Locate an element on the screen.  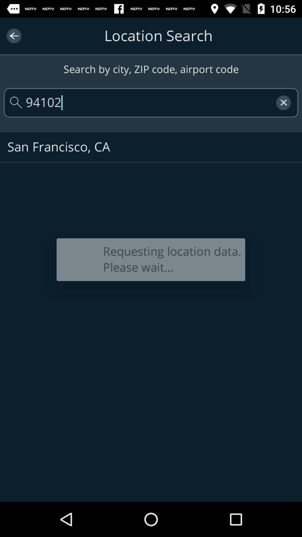
the search icon is located at coordinates (16, 103).